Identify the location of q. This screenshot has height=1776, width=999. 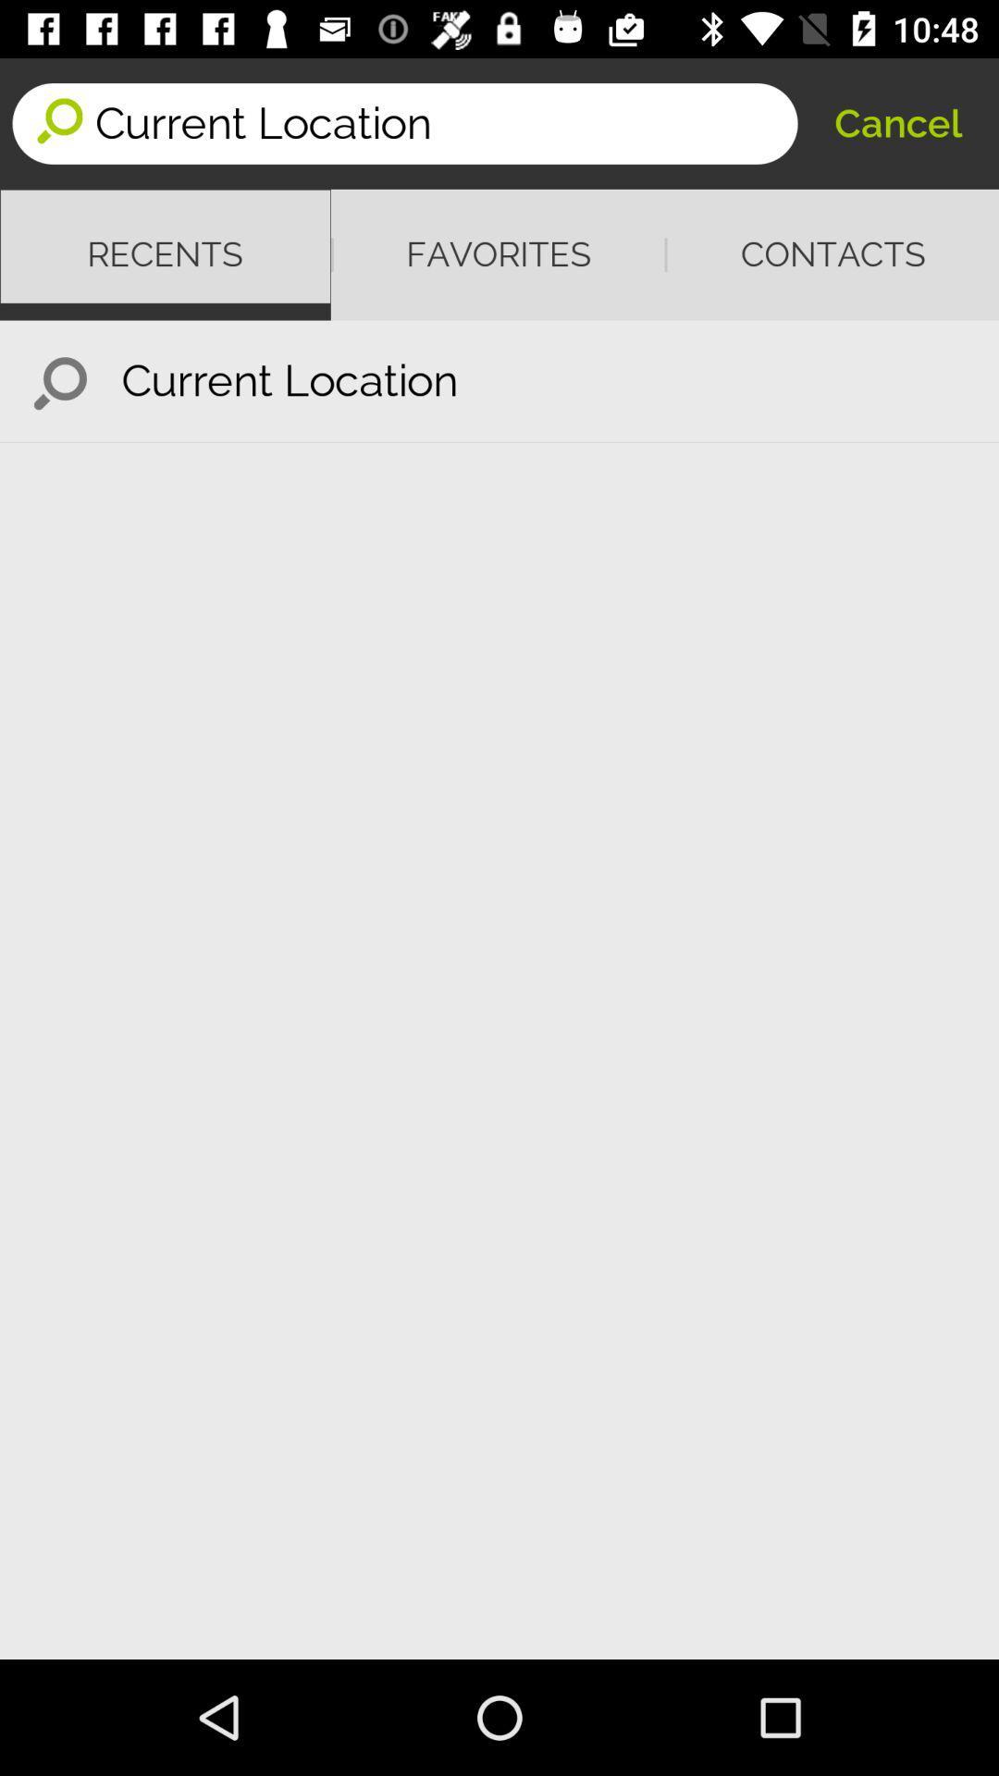
(59, 380).